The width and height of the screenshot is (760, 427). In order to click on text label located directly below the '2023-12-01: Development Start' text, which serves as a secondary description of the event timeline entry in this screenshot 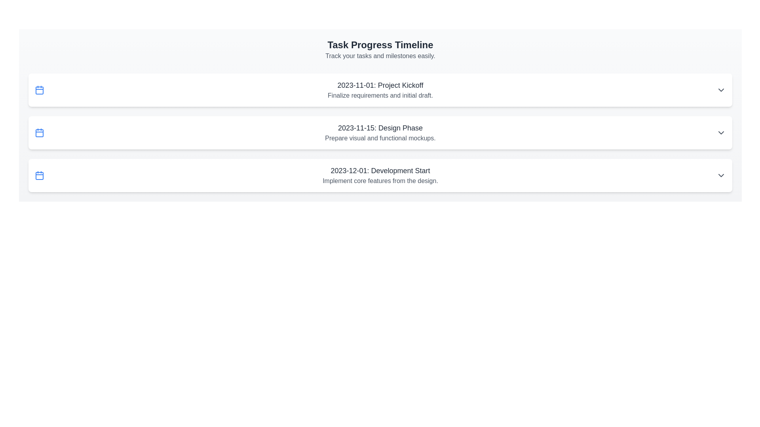, I will do `click(380, 181)`.